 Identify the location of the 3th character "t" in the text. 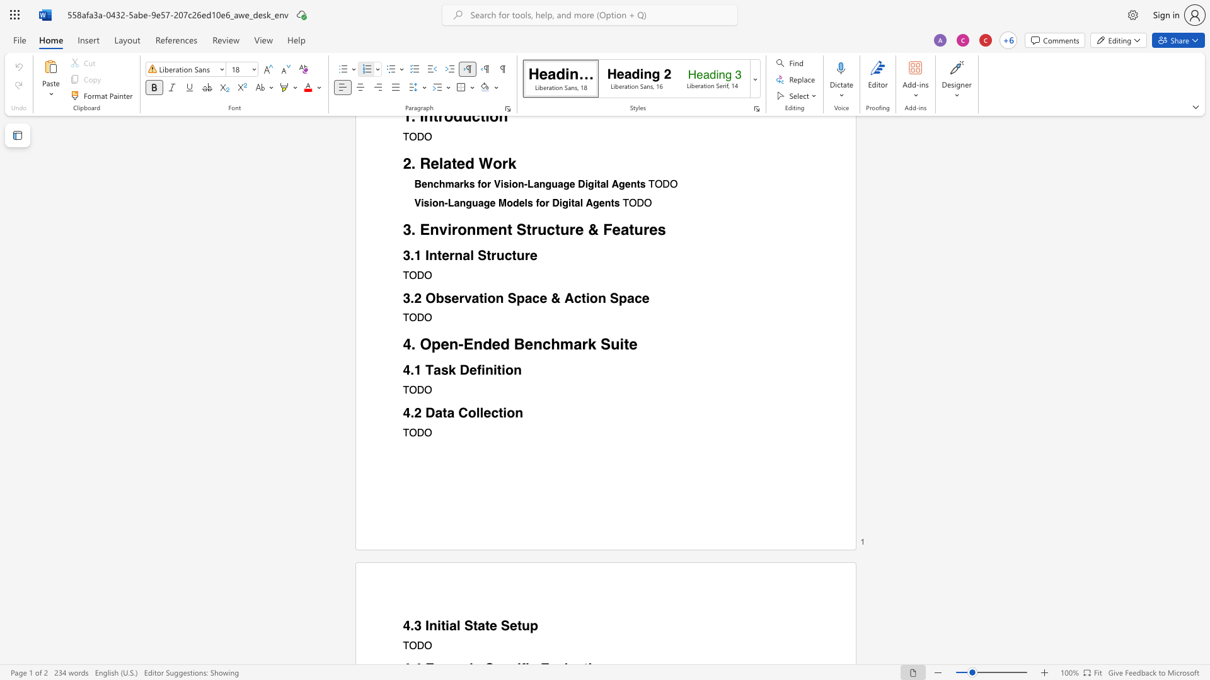
(487, 626).